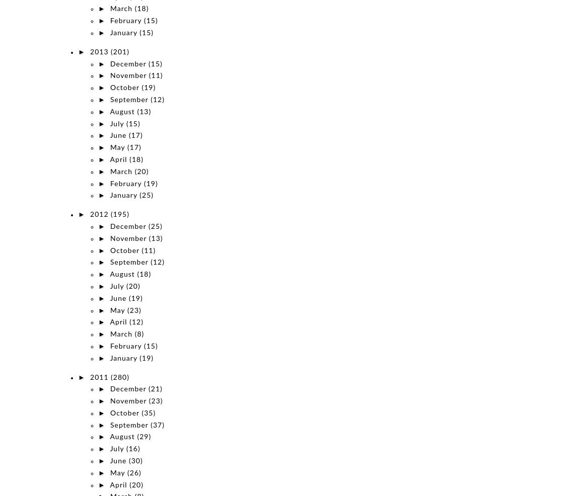 This screenshot has width=583, height=496. I want to click on '(16)', so click(132, 449).